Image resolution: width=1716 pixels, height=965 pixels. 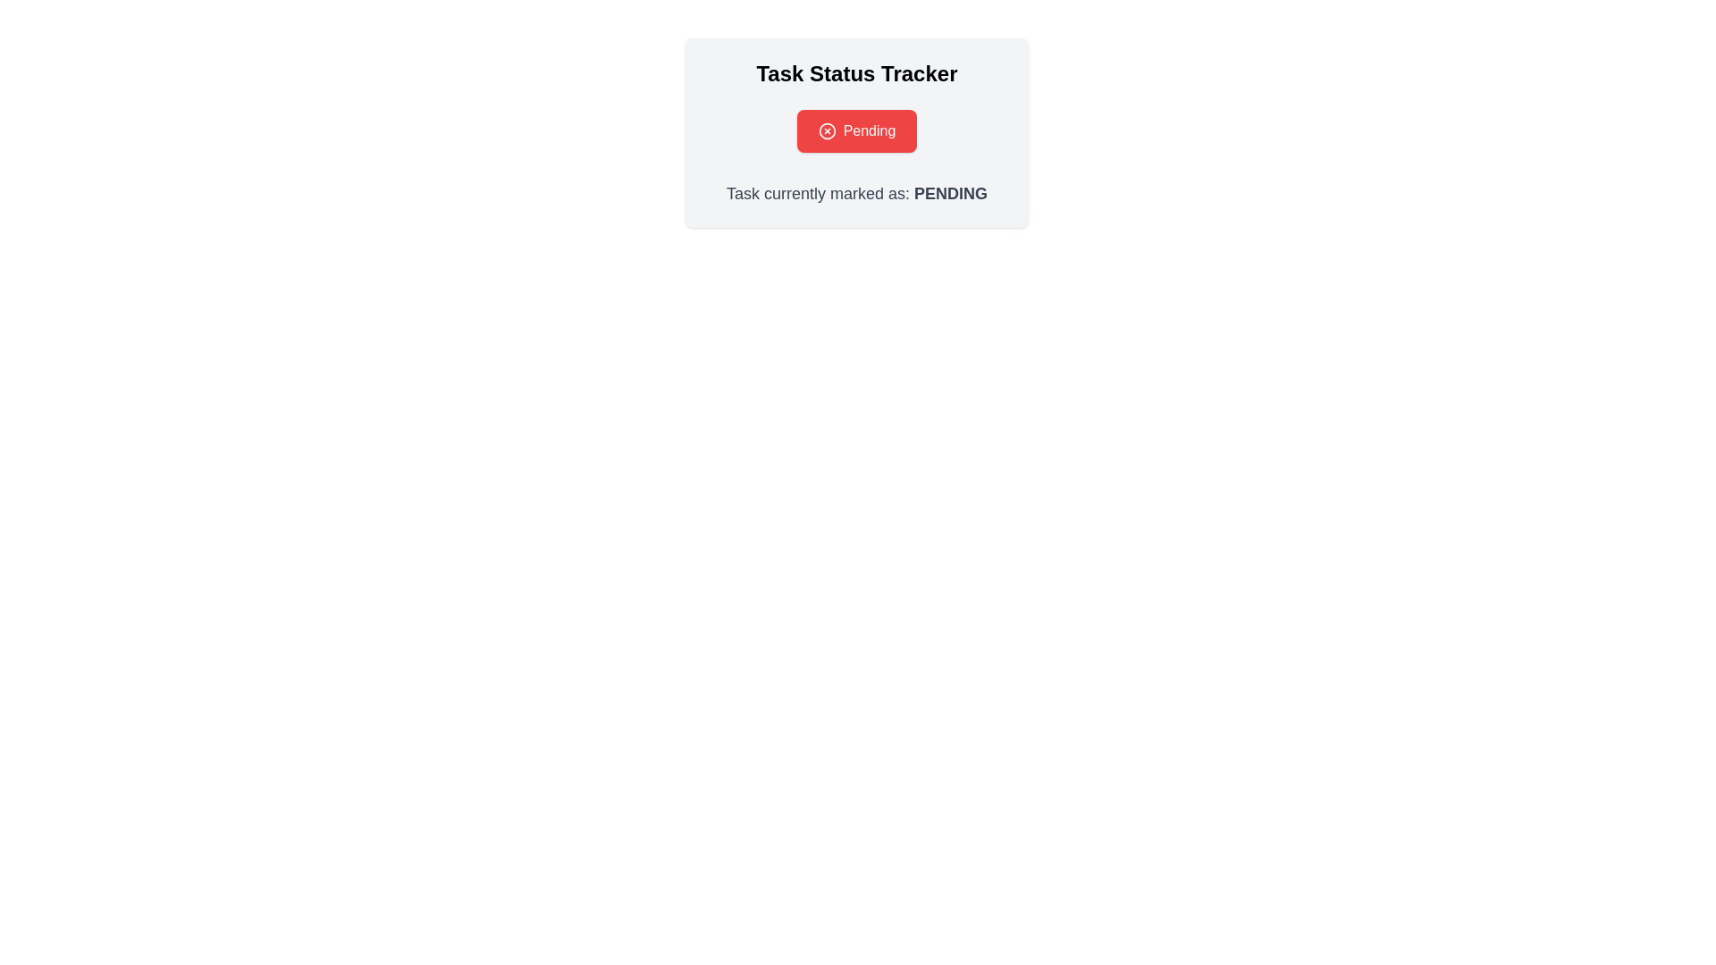 I want to click on the decorative SVG graphic element centered within the 'Pending' button, which enhances its appearance, so click(x=826, y=130).